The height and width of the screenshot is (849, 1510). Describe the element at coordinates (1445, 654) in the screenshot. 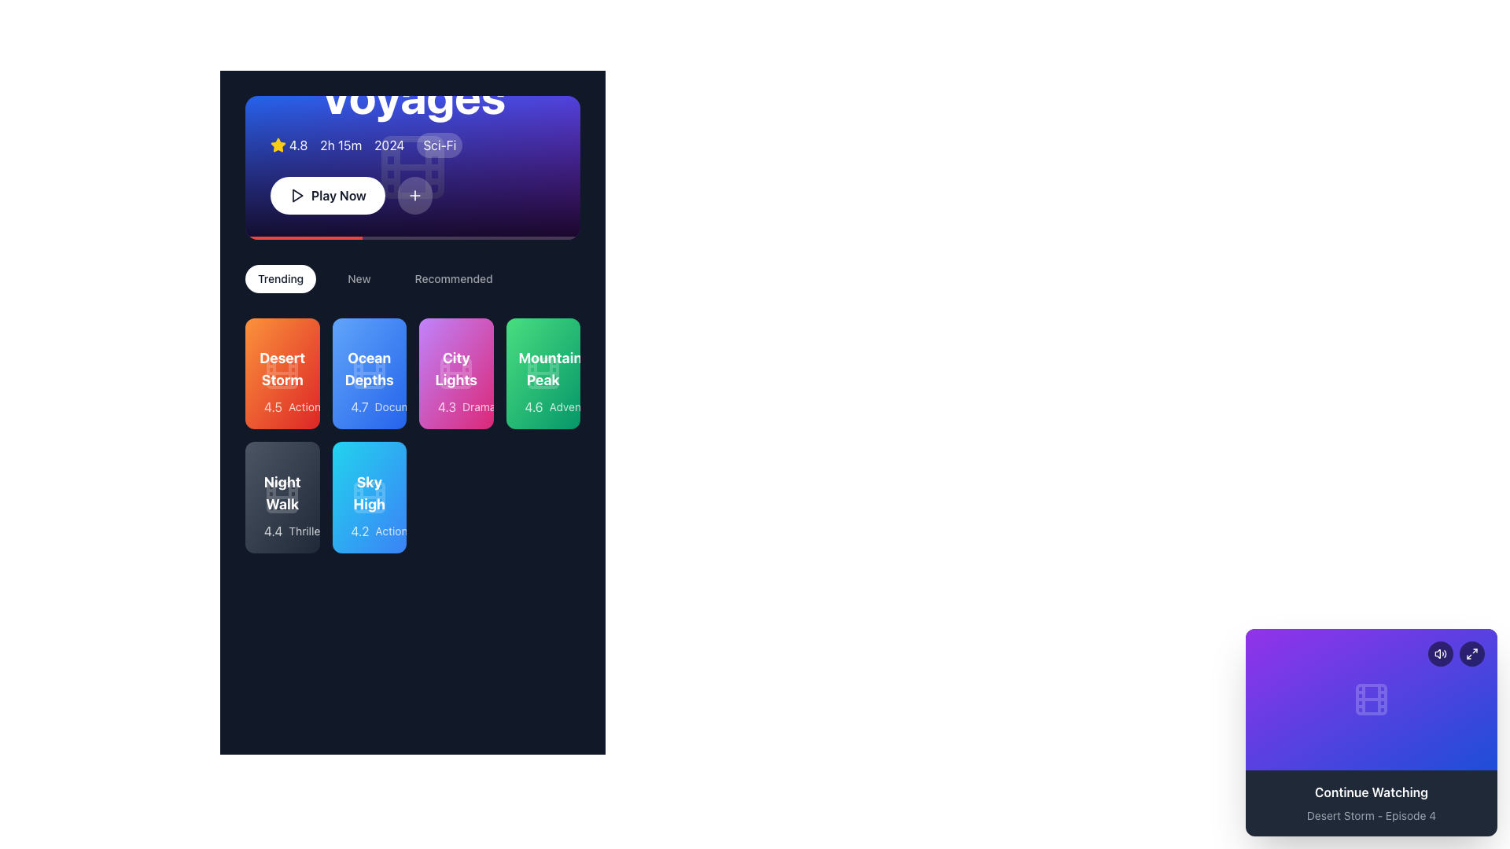

I see `the outer curved line of the volume icon located in the bottom-right corner of the interface` at that location.